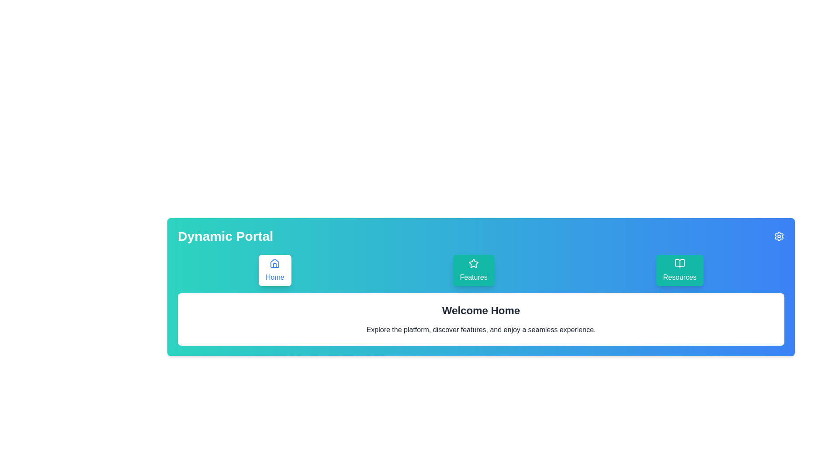  What do you see at coordinates (679, 270) in the screenshot?
I see `the 'Resources' button located in the top-right section of the navigation bar` at bounding box center [679, 270].